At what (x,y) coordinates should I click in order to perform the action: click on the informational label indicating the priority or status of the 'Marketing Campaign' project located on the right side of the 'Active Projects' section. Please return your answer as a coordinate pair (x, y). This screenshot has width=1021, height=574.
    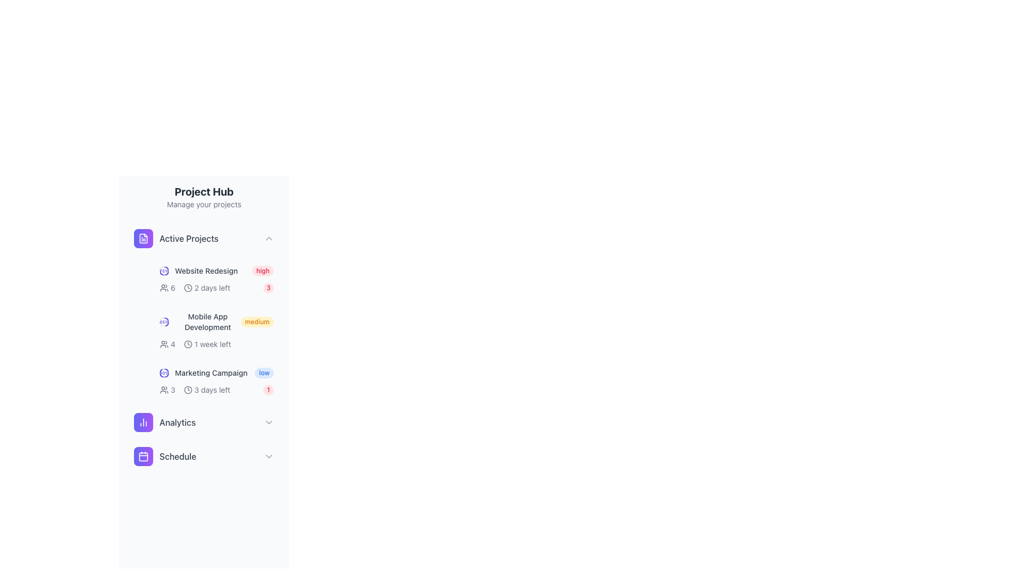
    Looking at the image, I should click on (264, 373).